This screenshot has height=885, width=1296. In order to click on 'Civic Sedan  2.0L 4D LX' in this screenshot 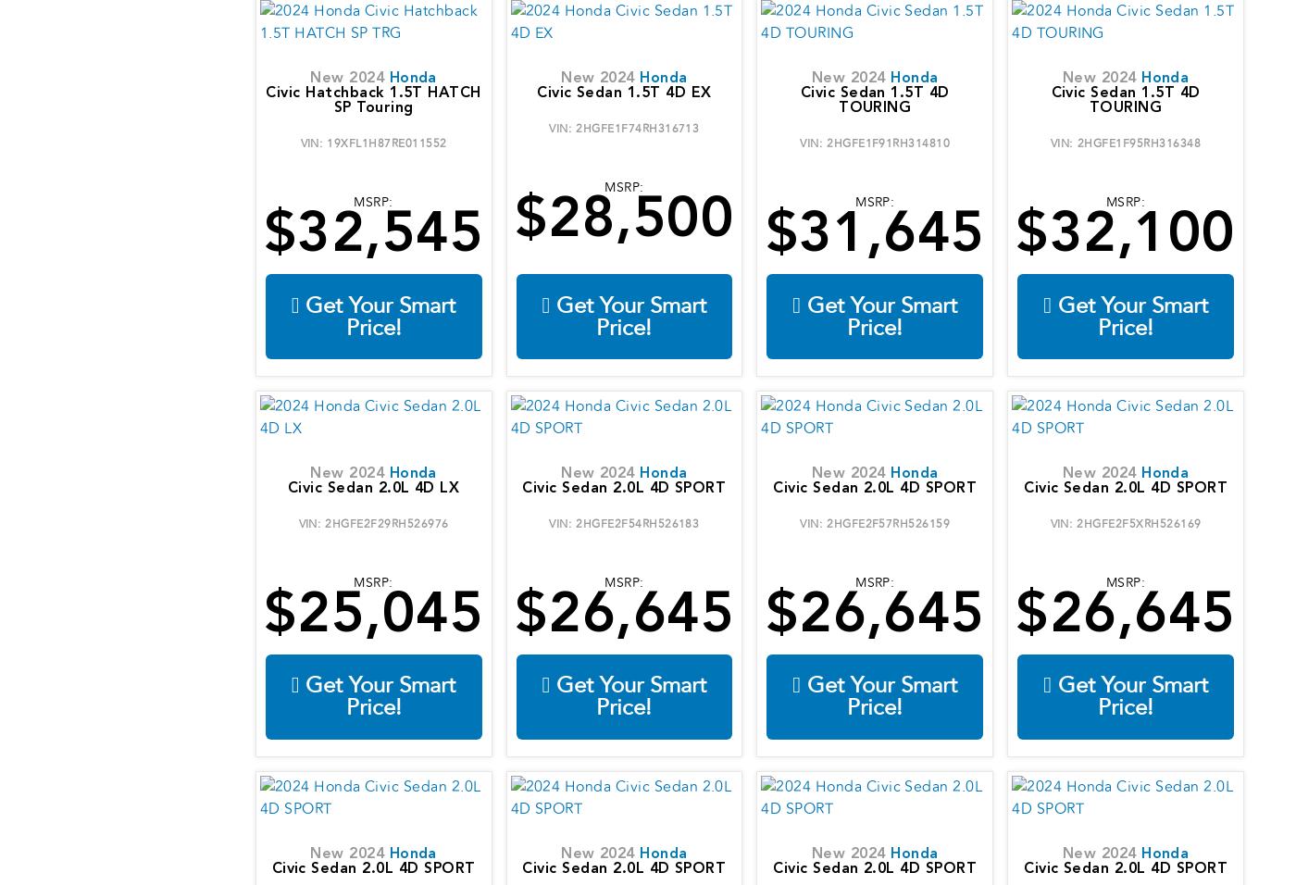, I will do `click(286, 487)`.